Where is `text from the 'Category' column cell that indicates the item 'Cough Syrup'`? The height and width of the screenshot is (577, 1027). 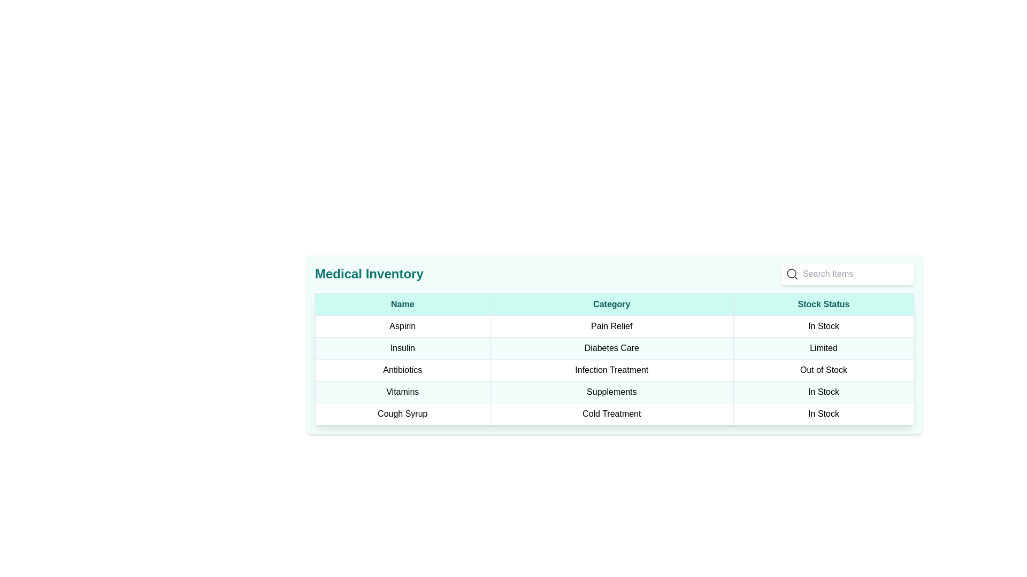 text from the 'Category' column cell that indicates the item 'Cough Syrup' is located at coordinates (611, 414).